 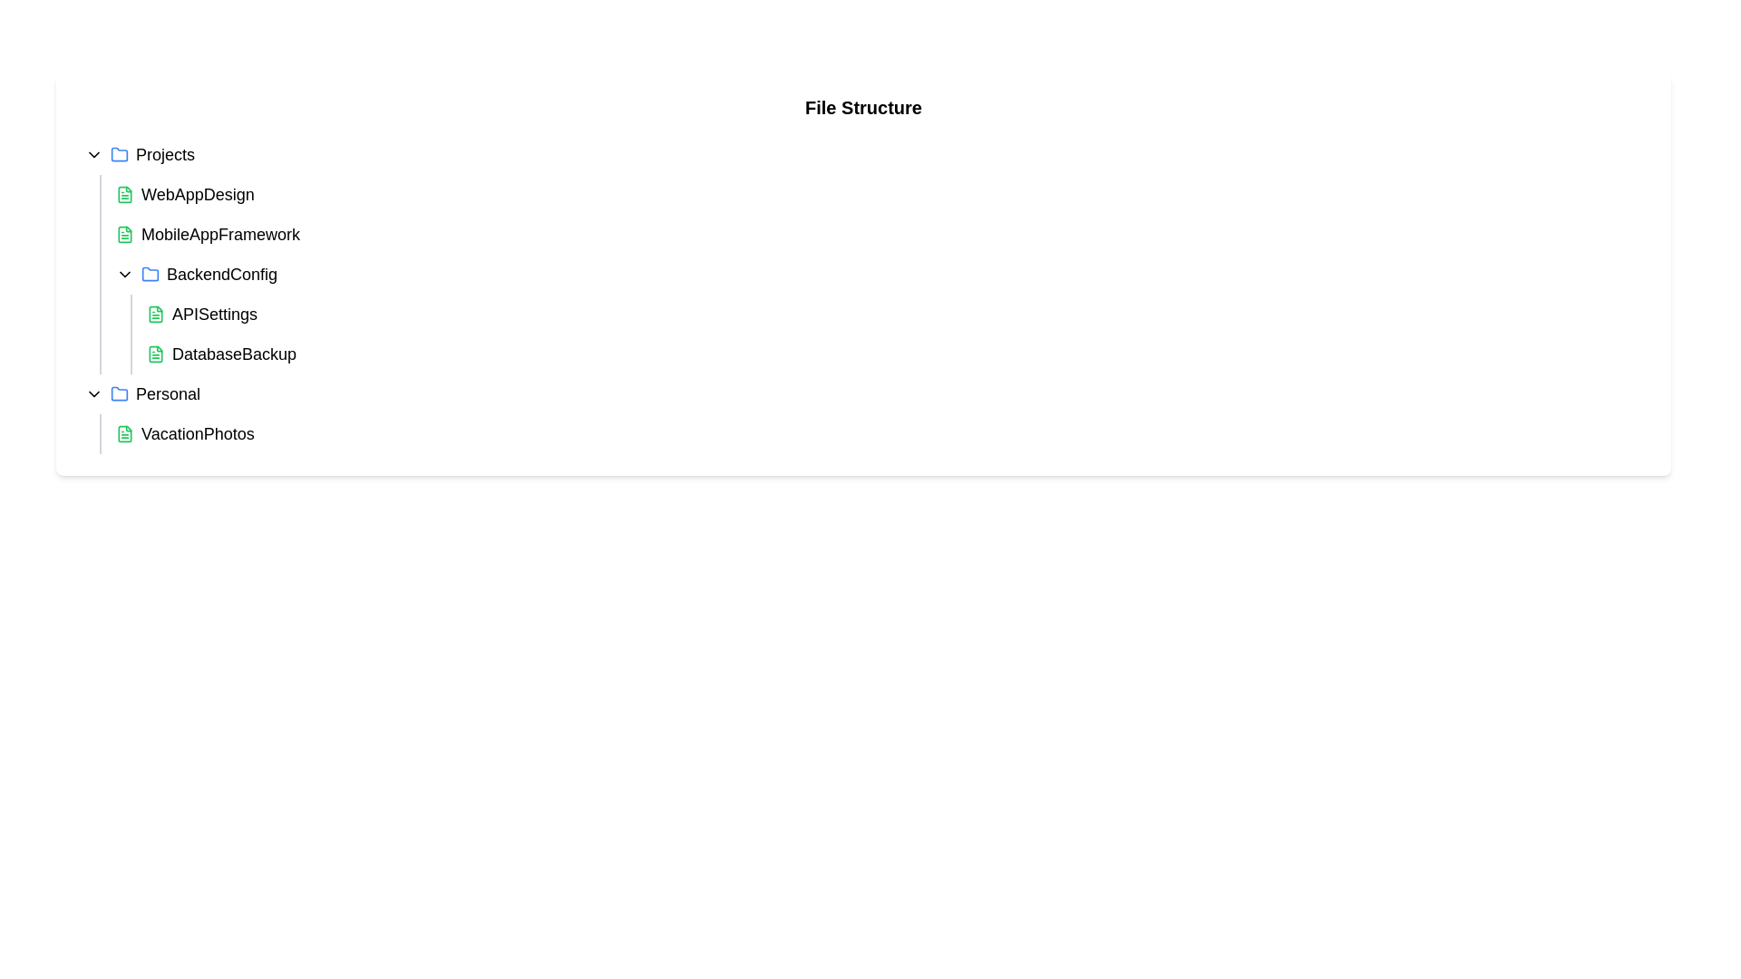 What do you see at coordinates (198, 195) in the screenshot?
I see `the label titled 'WebAppDesign' located in the 'Projects' folder section` at bounding box center [198, 195].